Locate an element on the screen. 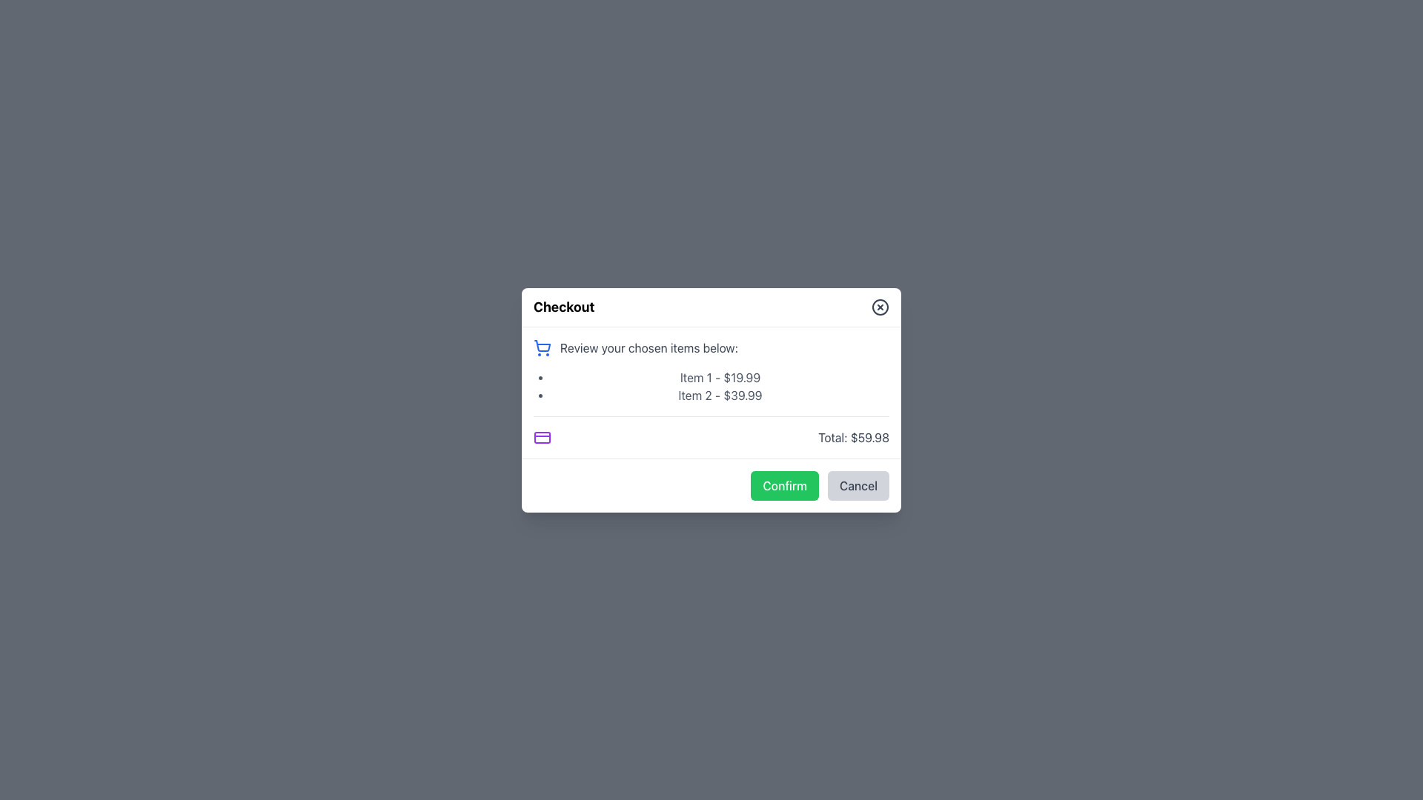 The width and height of the screenshot is (1423, 800). the Icon Rectangle, which is a rectangular SVG element with rounded corners representing a payment method, located in the center of the credit card icon is located at coordinates (541, 436).